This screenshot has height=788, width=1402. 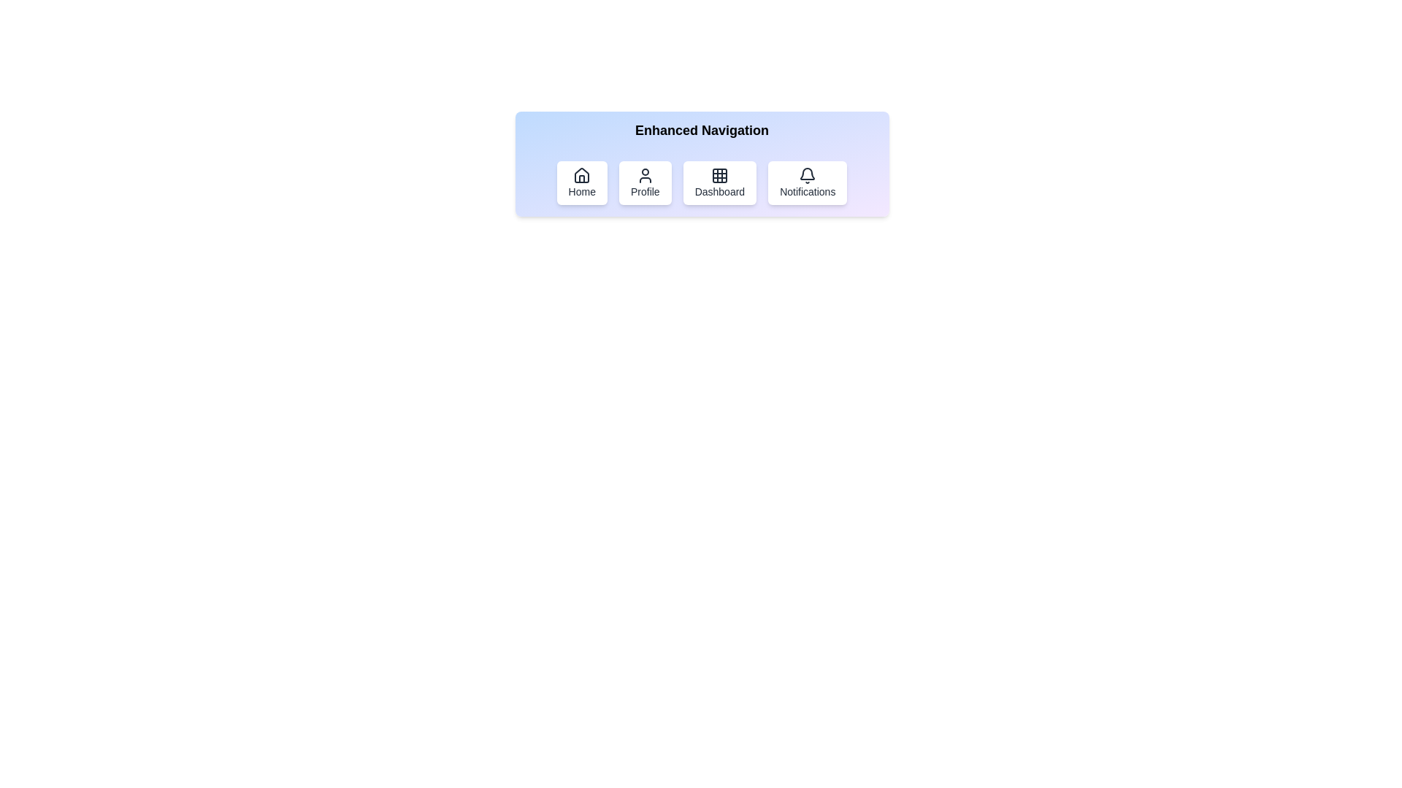 I want to click on the far-right navigation button for accessing notifications, so click(x=807, y=182).